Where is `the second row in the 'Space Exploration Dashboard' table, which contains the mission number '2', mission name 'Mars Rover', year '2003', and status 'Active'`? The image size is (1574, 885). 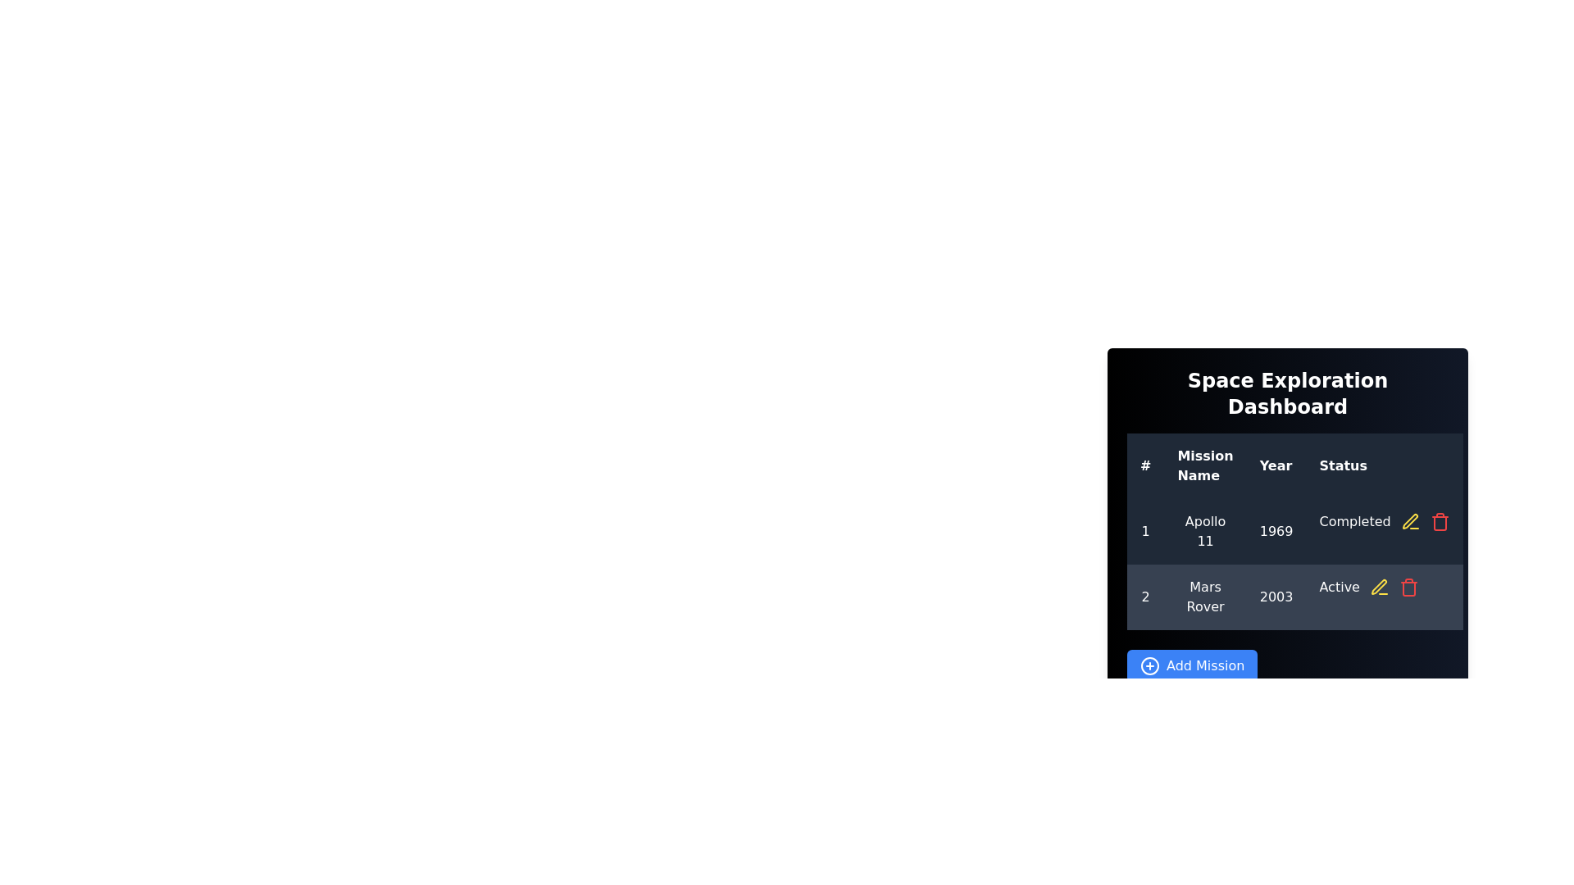
the second row in the 'Space Exploration Dashboard' table, which contains the mission number '2', mission name 'Mars Rover', year '2003', and status 'Active' is located at coordinates (1294, 597).